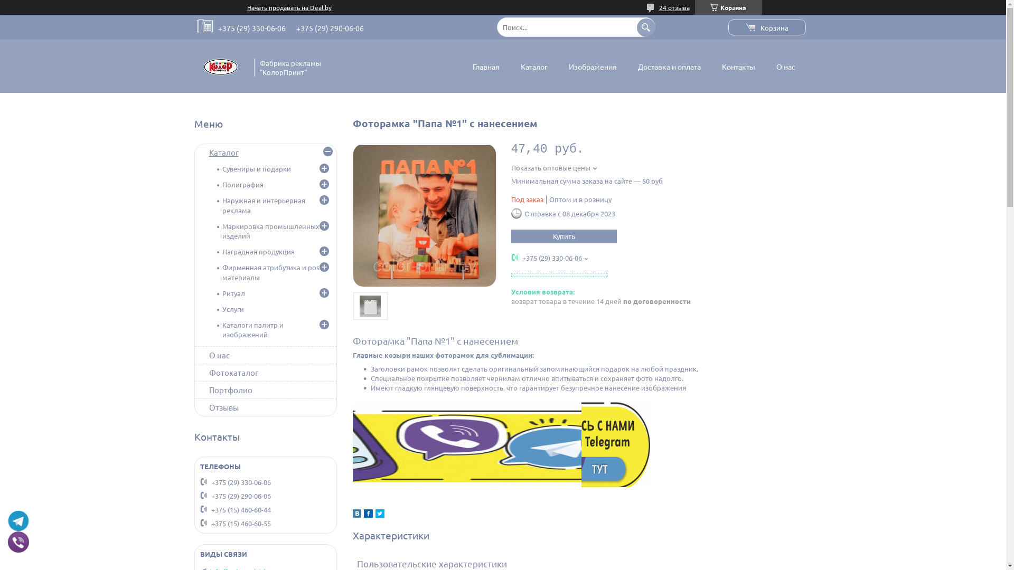 Image resolution: width=1014 pixels, height=570 pixels. I want to click on 'twitter', so click(379, 514).